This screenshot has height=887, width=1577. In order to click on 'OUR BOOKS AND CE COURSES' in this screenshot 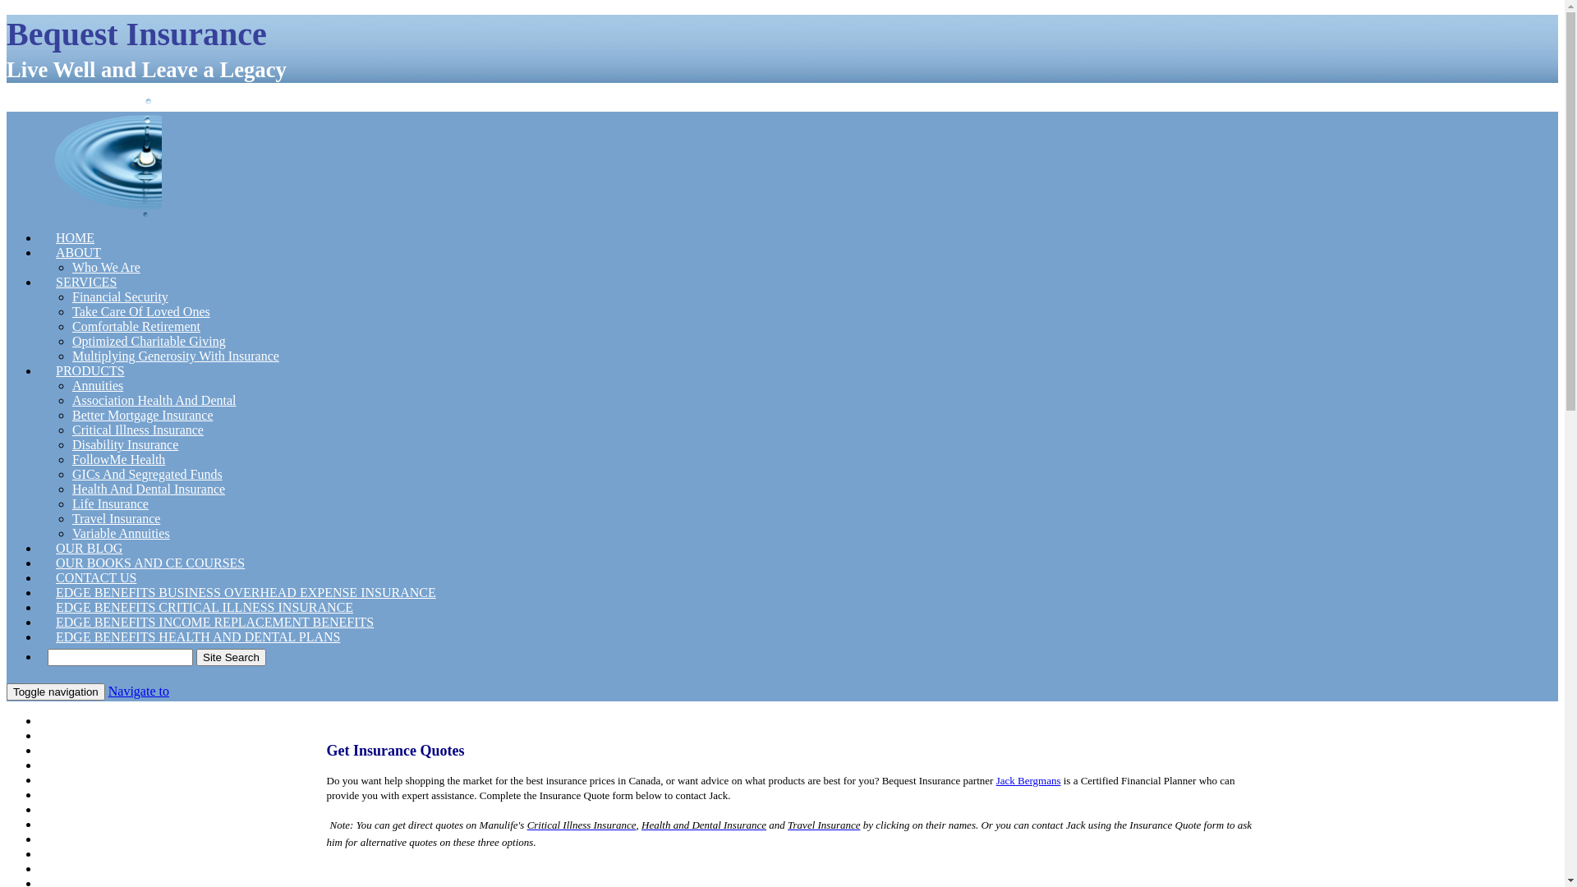, I will do `click(149, 562)`.